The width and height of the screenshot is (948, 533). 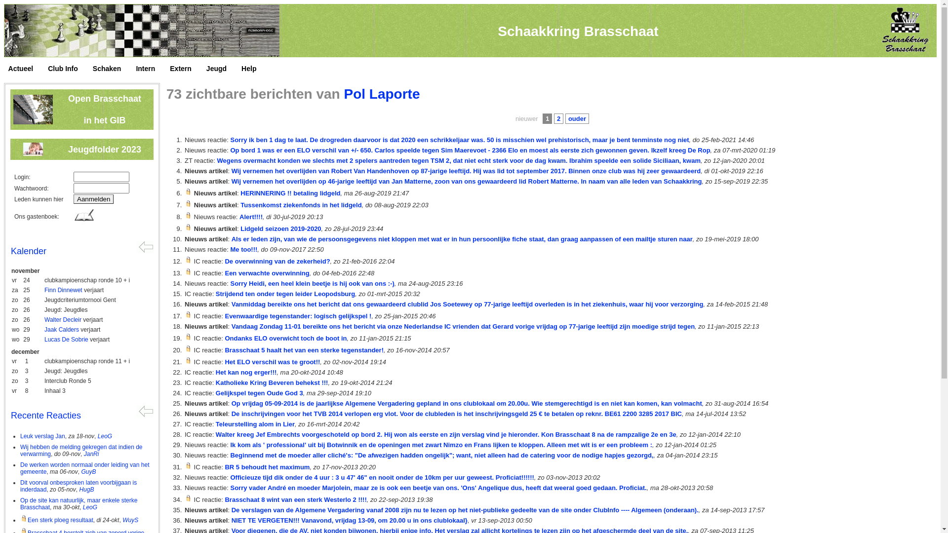 What do you see at coordinates (20, 467) in the screenshot?
I see `'De werken worden normaal onder leiding van het gemeente'` at bounding box center [20, 467].